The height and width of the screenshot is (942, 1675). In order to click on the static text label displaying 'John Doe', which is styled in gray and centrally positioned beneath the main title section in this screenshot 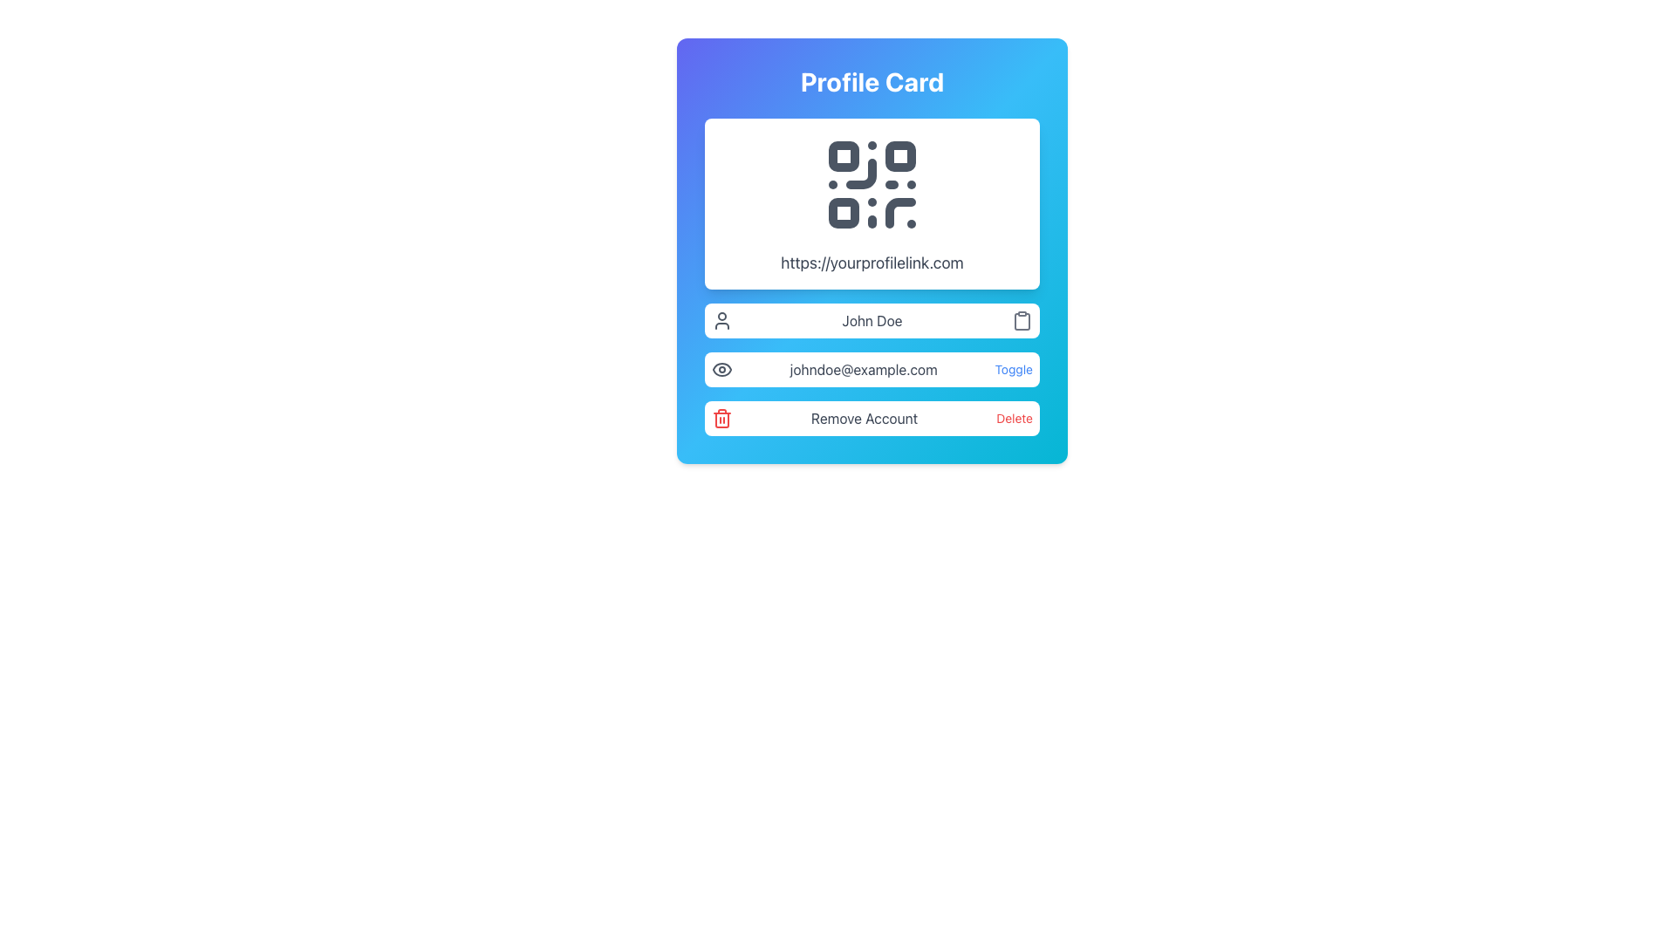, I will do `click(872, 320)`.